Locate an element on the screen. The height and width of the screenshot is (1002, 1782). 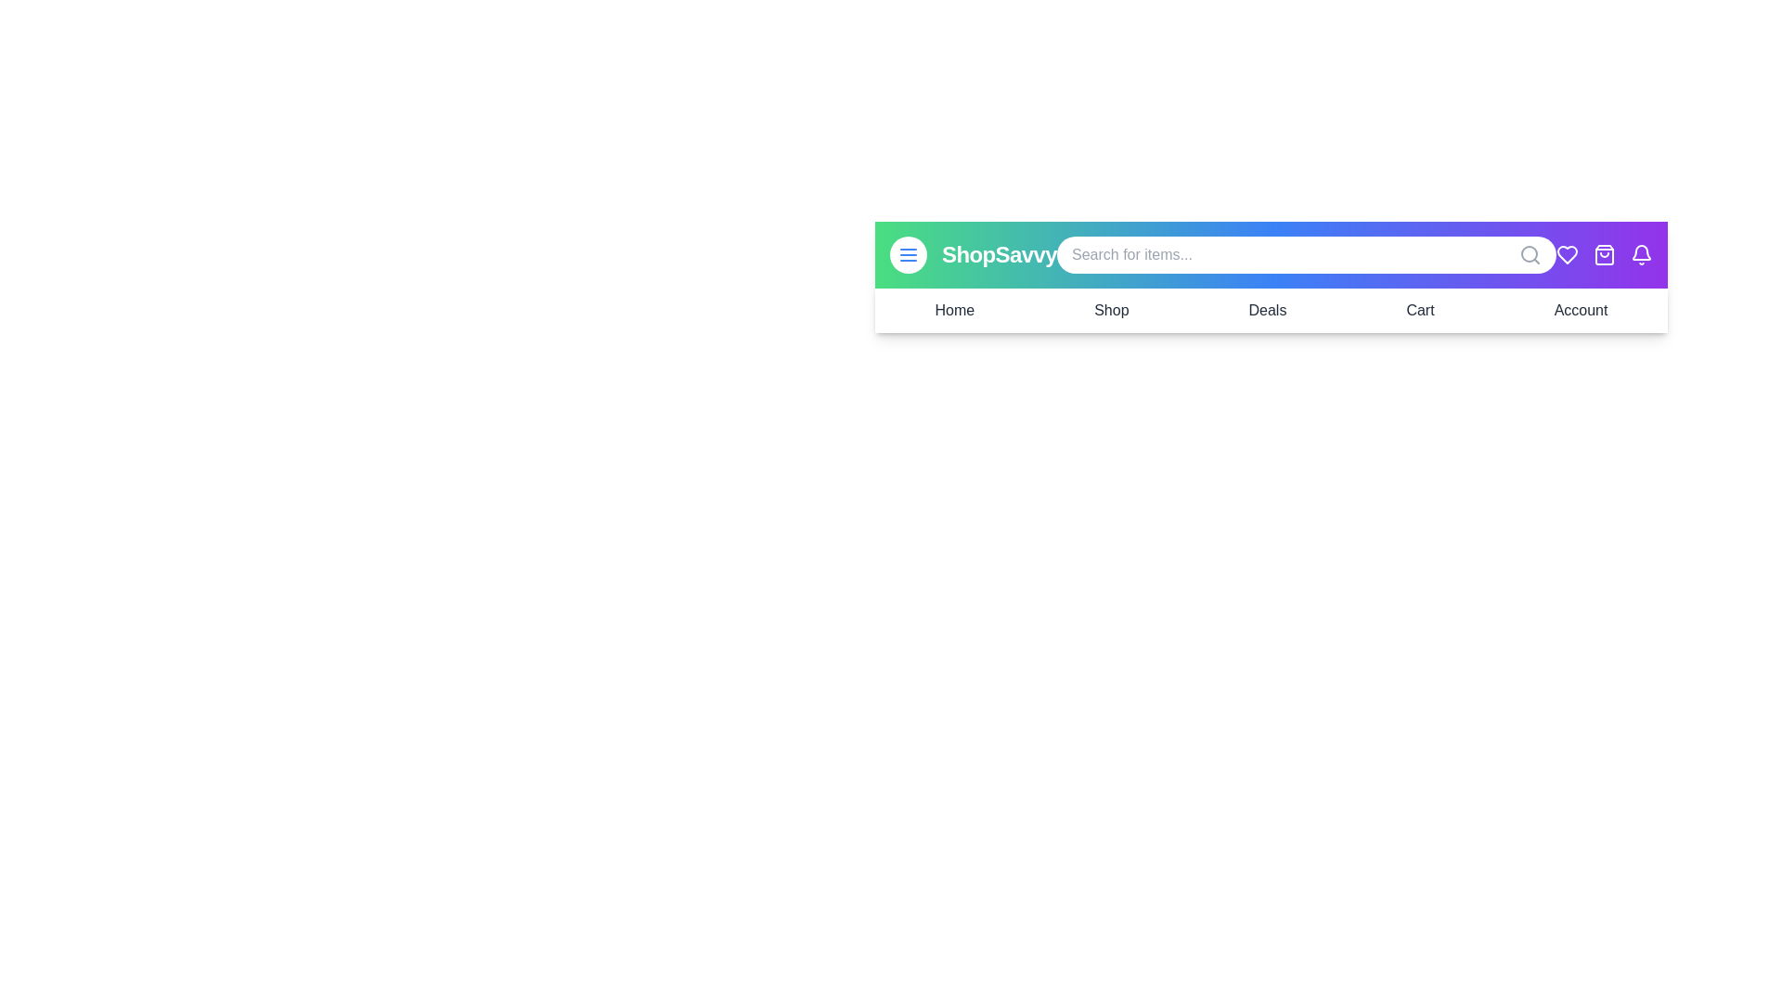
bell icon to trigger the notification settings or view is located at coordinates (1642, 254).